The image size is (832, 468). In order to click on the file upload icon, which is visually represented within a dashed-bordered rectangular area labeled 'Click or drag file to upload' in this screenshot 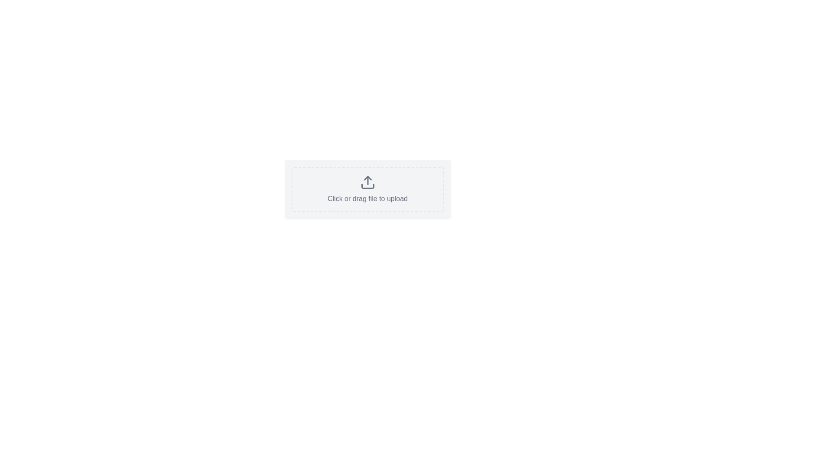, I will do `click(367, 182)`.